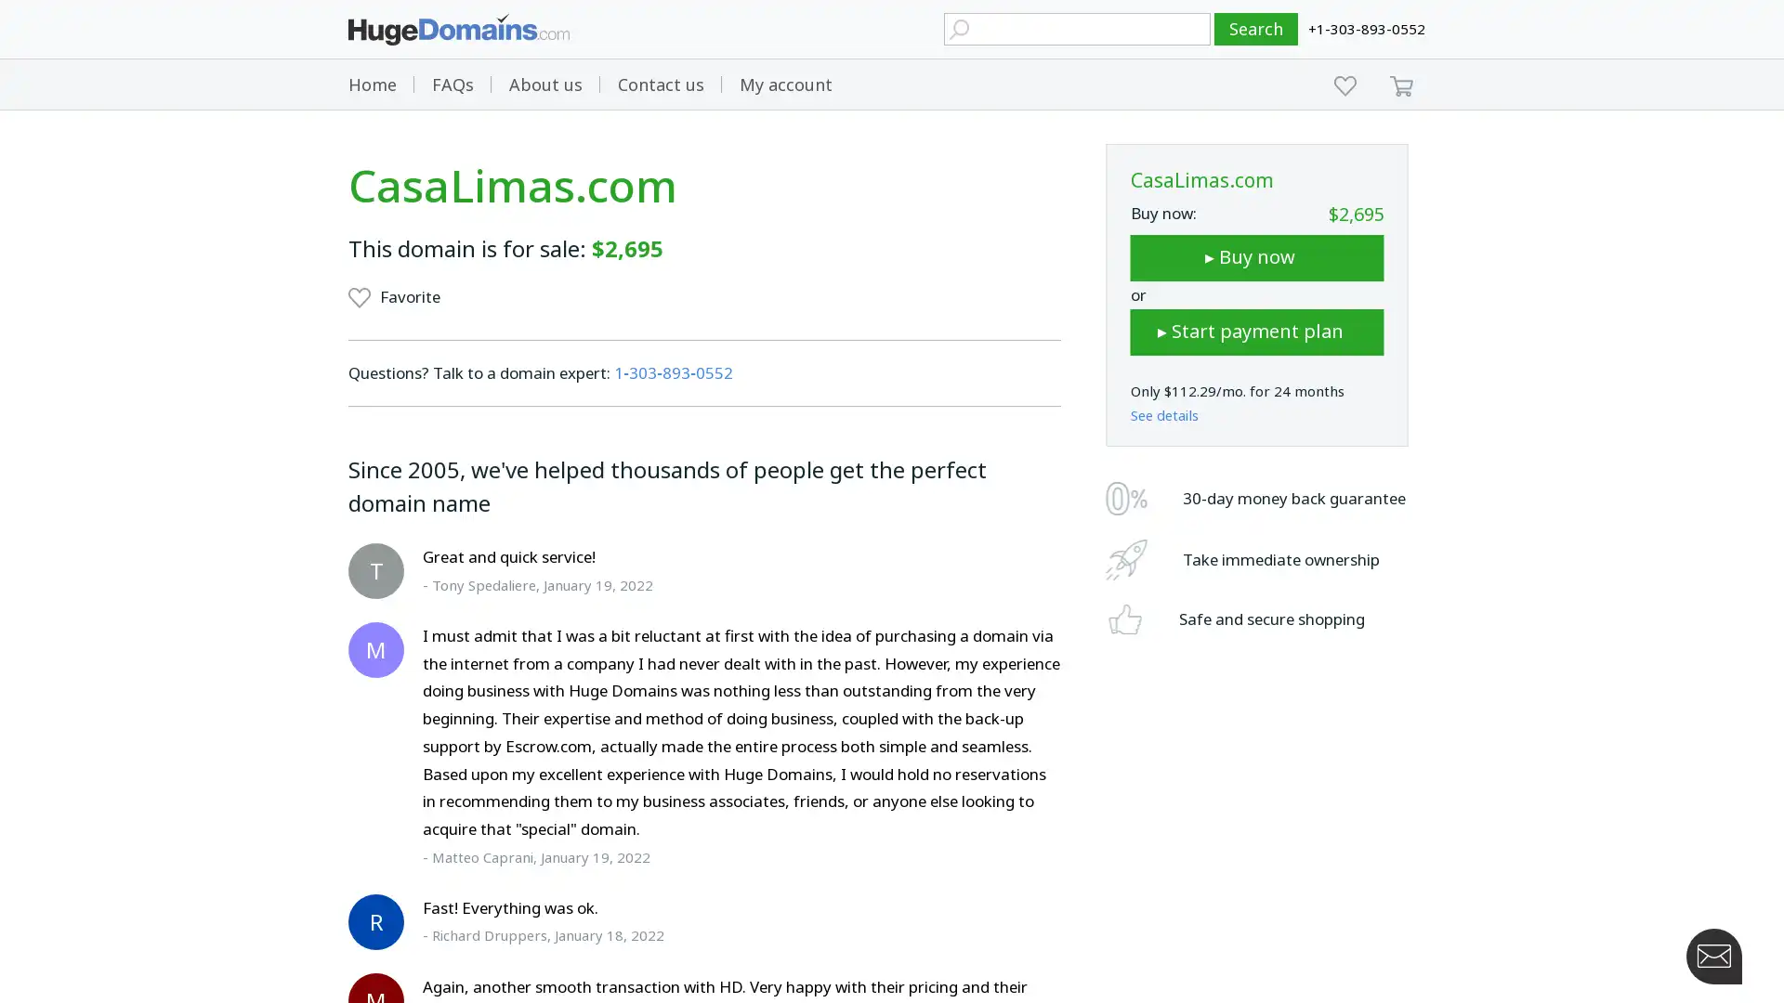  What do you see at coordinates (1256, 29) in the screenshot?
I see `Search` at bounding box center [1256, 29].